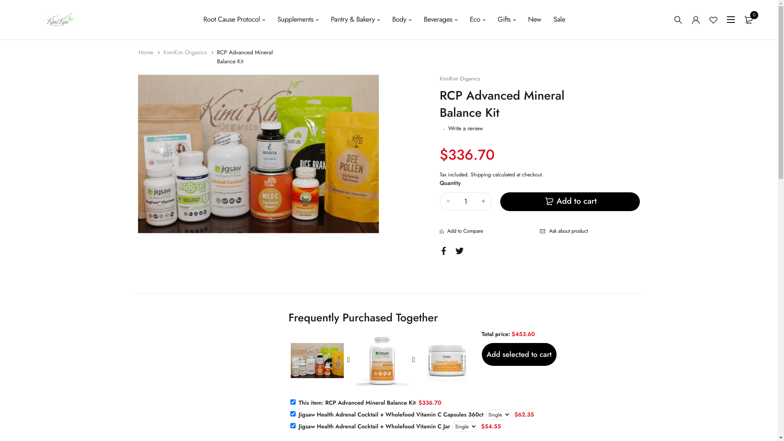  Describe the element at coordinates (570, 201) in the screenshot. I see `'Add to cart'` at that location.